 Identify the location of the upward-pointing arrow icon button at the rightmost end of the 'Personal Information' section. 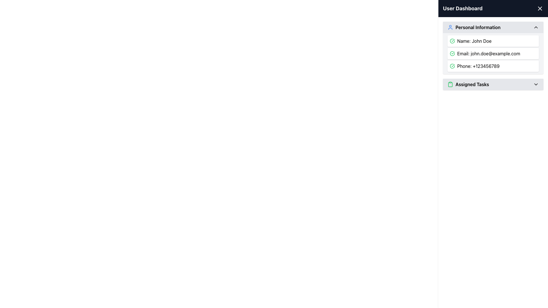
(535, 27).